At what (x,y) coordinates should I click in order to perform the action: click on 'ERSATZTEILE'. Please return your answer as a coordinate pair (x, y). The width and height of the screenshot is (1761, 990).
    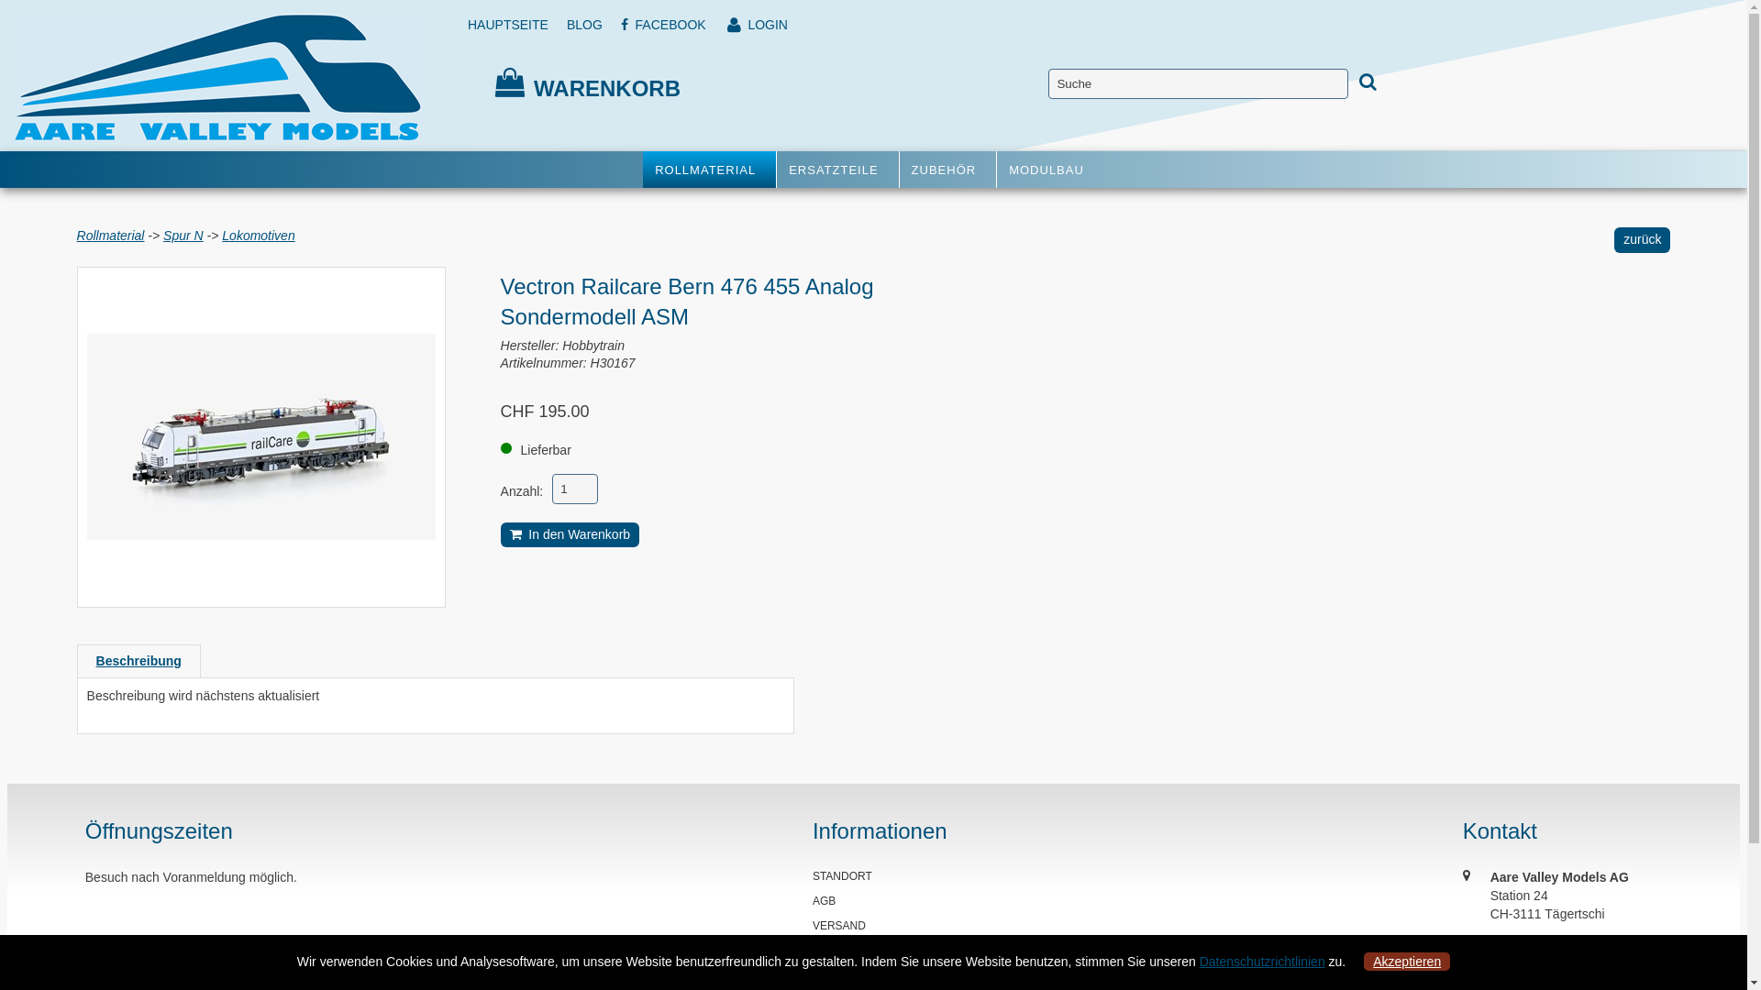
    Looking at the image, I should click on (836, 170).